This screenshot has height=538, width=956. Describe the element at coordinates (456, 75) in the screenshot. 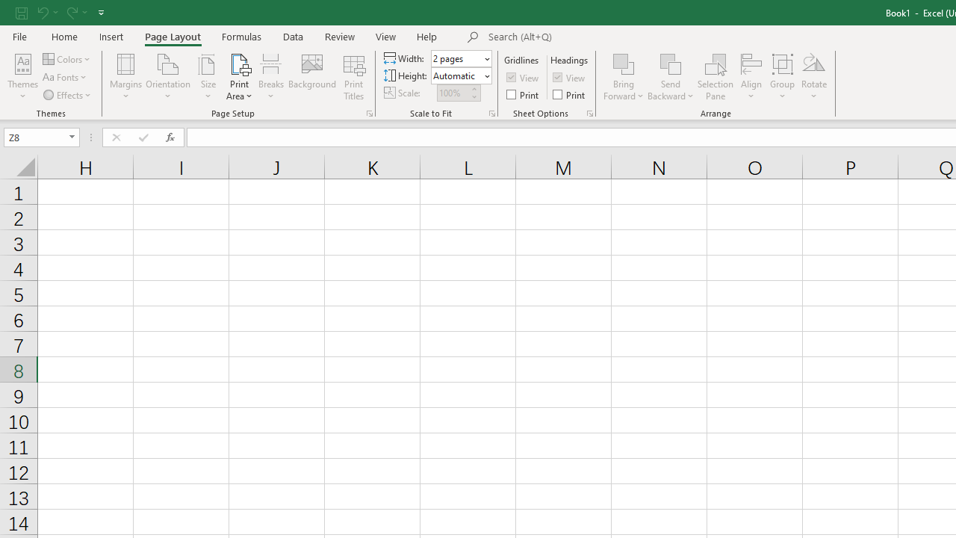

I see `'Height'` at that location.